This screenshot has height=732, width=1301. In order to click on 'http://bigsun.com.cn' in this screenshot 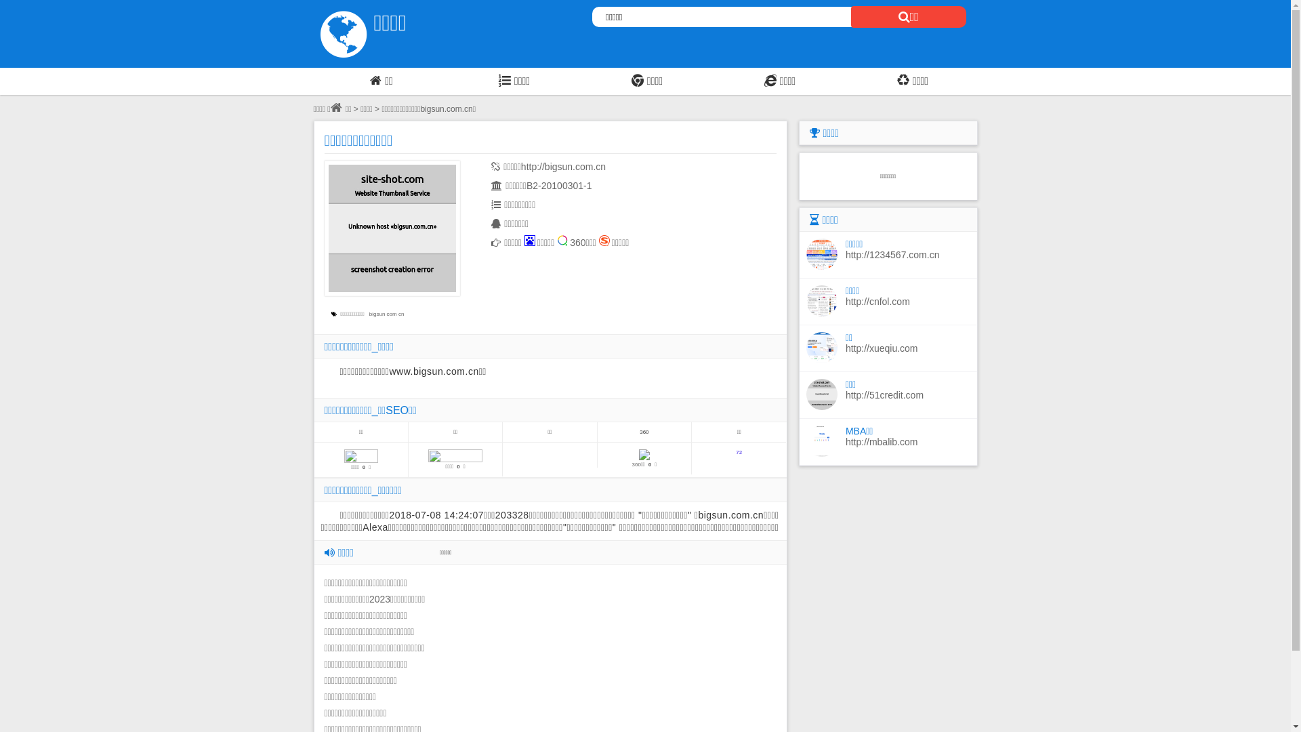, I will do `click(563, 166)`.